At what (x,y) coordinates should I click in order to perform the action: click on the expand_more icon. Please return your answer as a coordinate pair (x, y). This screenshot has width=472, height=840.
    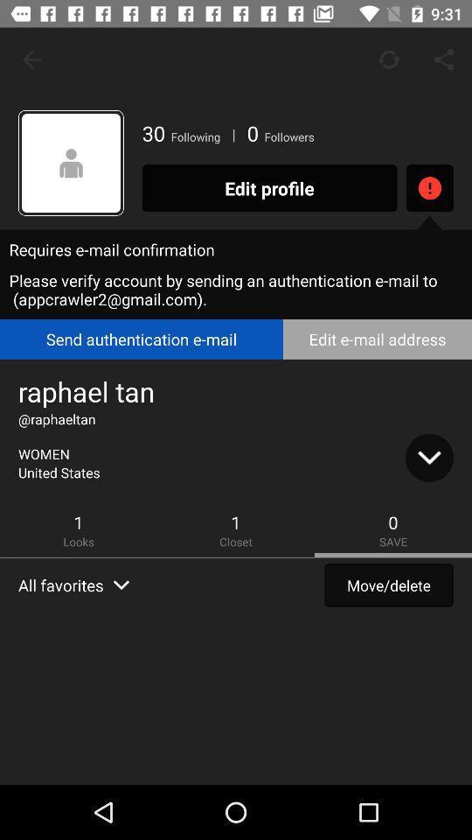
    Looking at the image, I should click on (428, 457).